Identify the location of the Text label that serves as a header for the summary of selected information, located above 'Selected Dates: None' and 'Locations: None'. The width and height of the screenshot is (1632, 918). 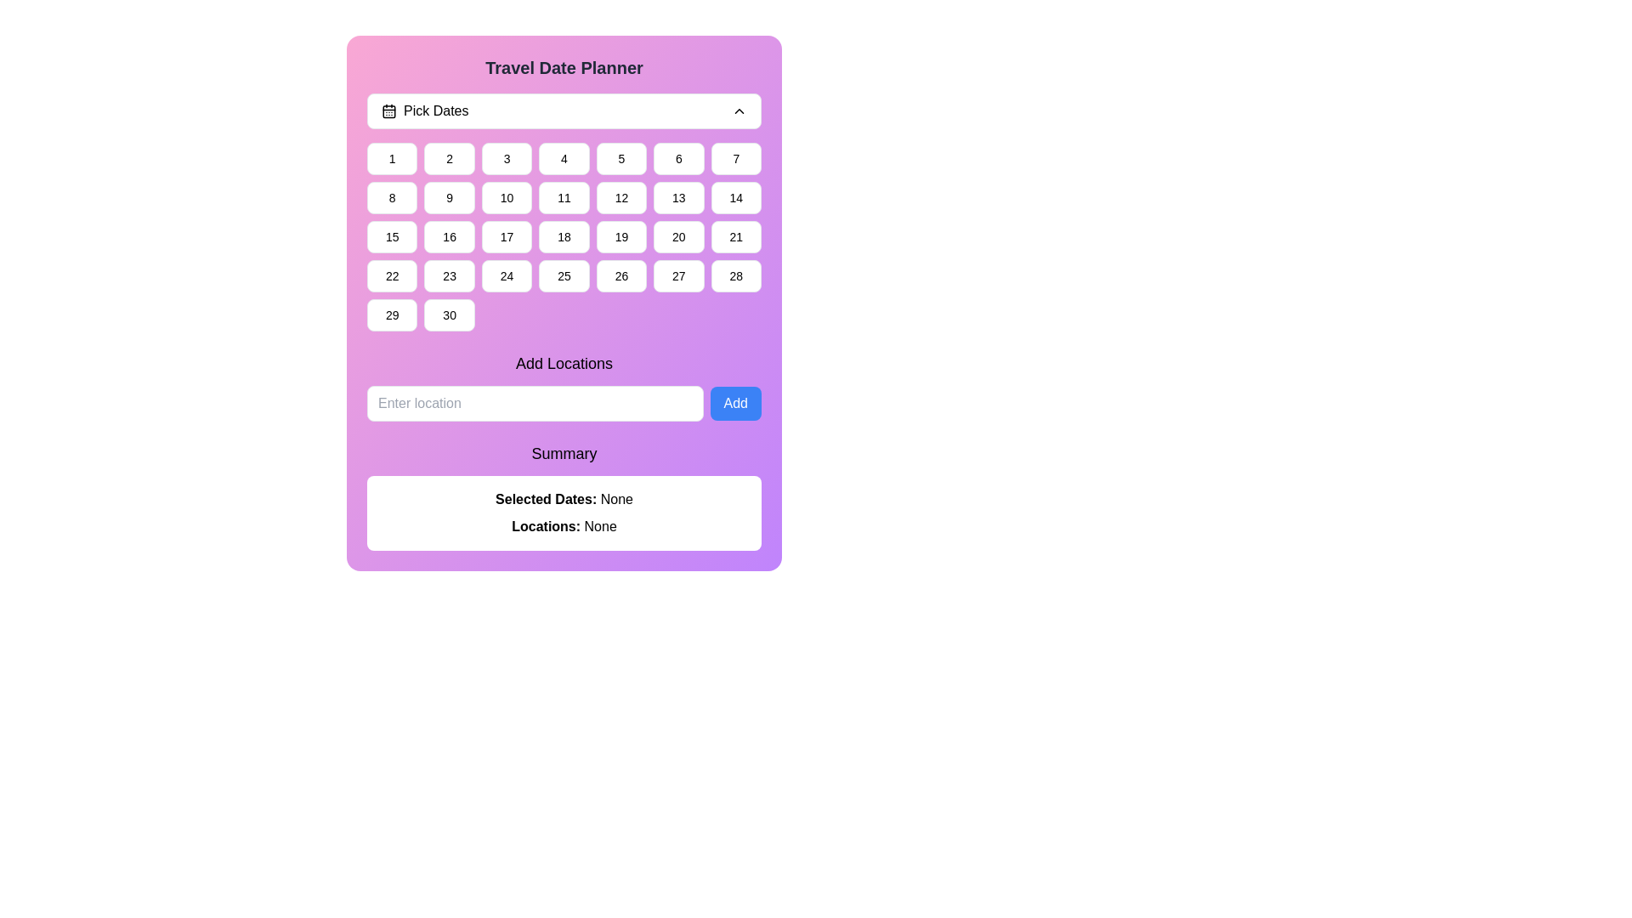
(564, 452).